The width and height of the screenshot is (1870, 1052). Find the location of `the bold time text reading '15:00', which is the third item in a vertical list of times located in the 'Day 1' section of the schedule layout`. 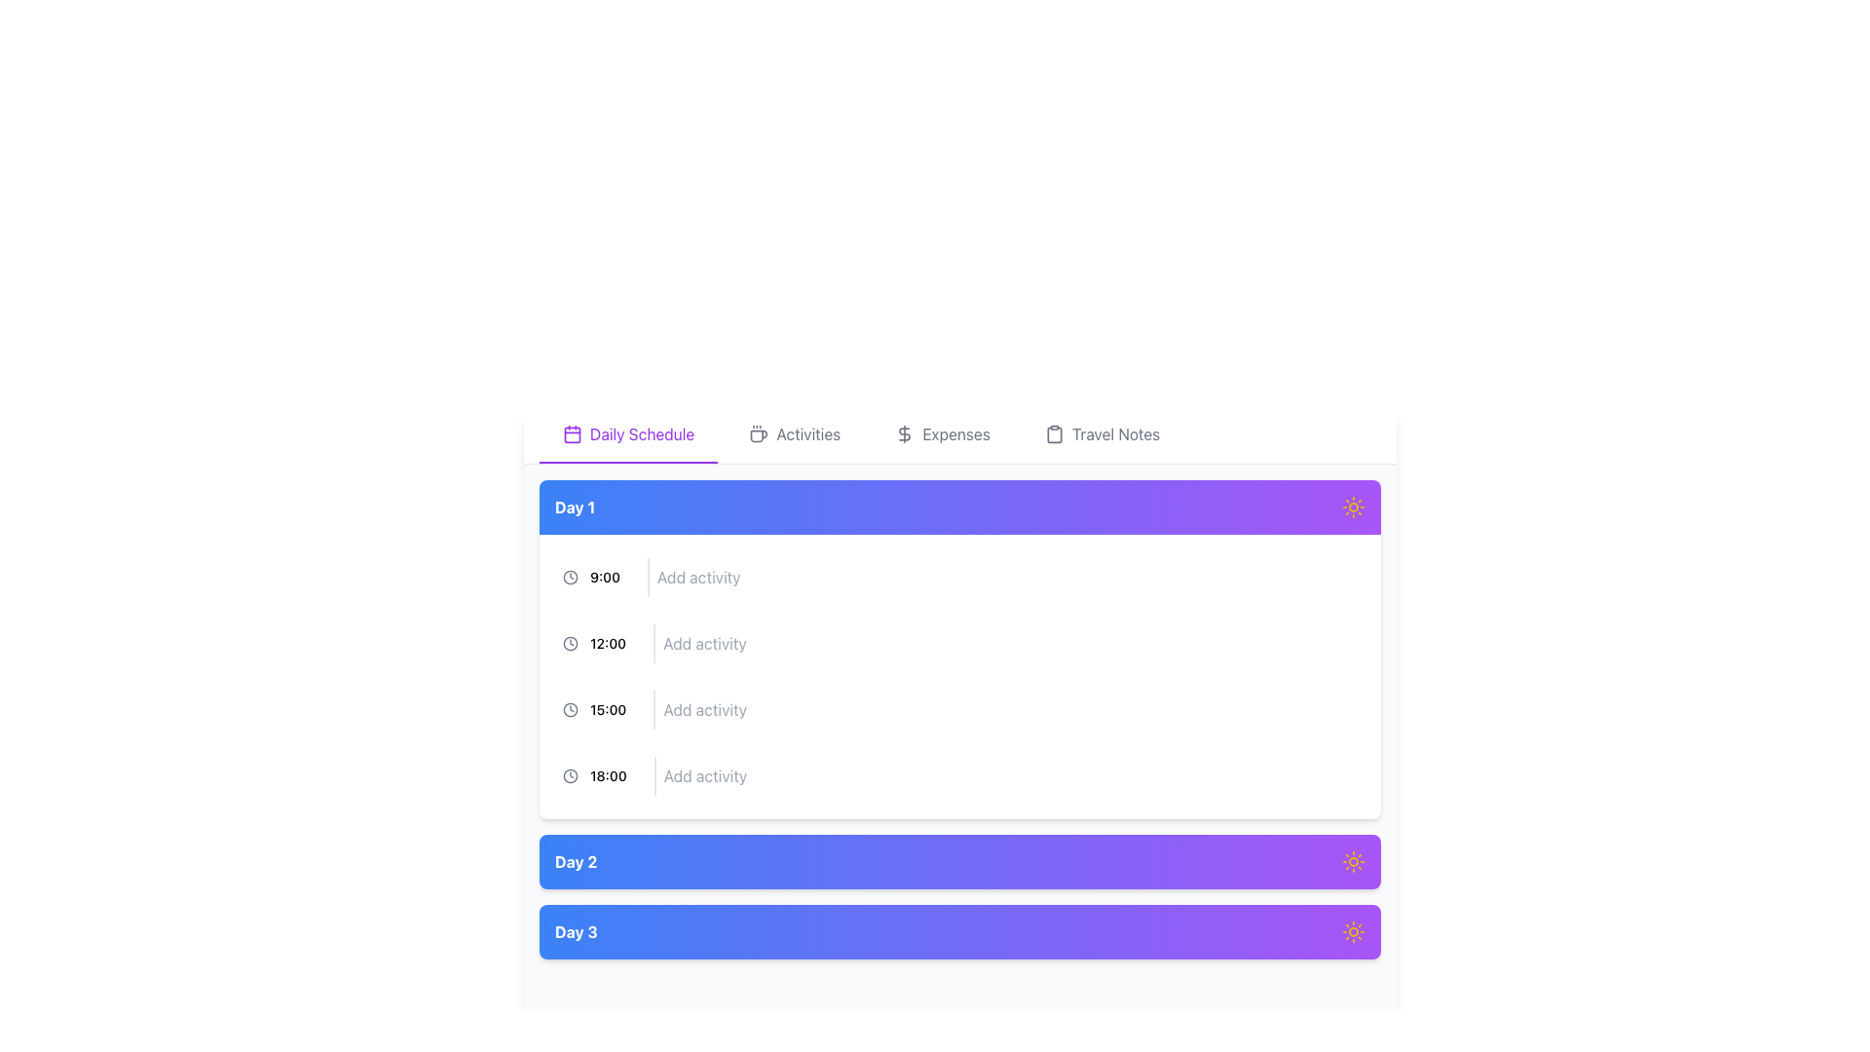

the bold time text reading '15:00', which is the third item in a vertical list of times located in the 'Day 1' section of the schedule layout is located at coordinates (607, 710).